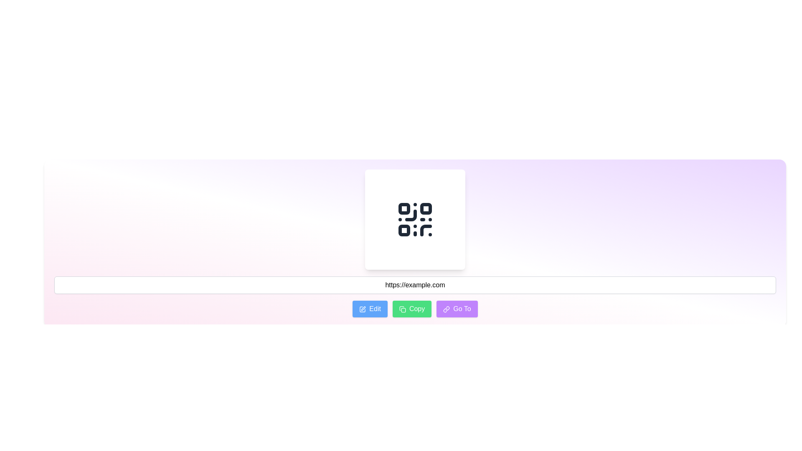 This screenshot has width=802, height=451. What do you see at coordinates (363, 309) in the screenshot?
I see `the editing functionality Icon within the 'Edit' button located in the lower left corner of the interface` at bounding box center [363, 309].